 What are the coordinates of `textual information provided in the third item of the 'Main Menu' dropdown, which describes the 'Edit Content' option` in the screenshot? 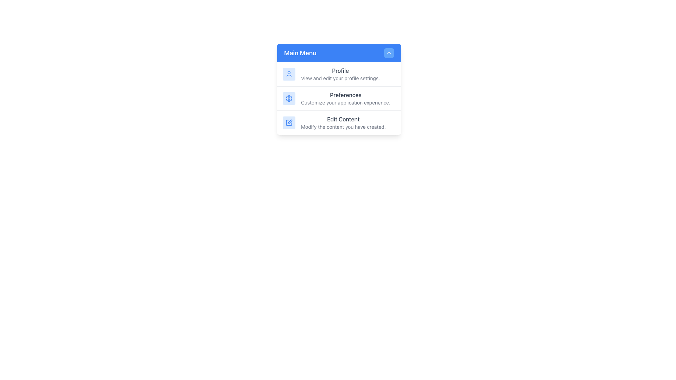 It's located at (343, 122).